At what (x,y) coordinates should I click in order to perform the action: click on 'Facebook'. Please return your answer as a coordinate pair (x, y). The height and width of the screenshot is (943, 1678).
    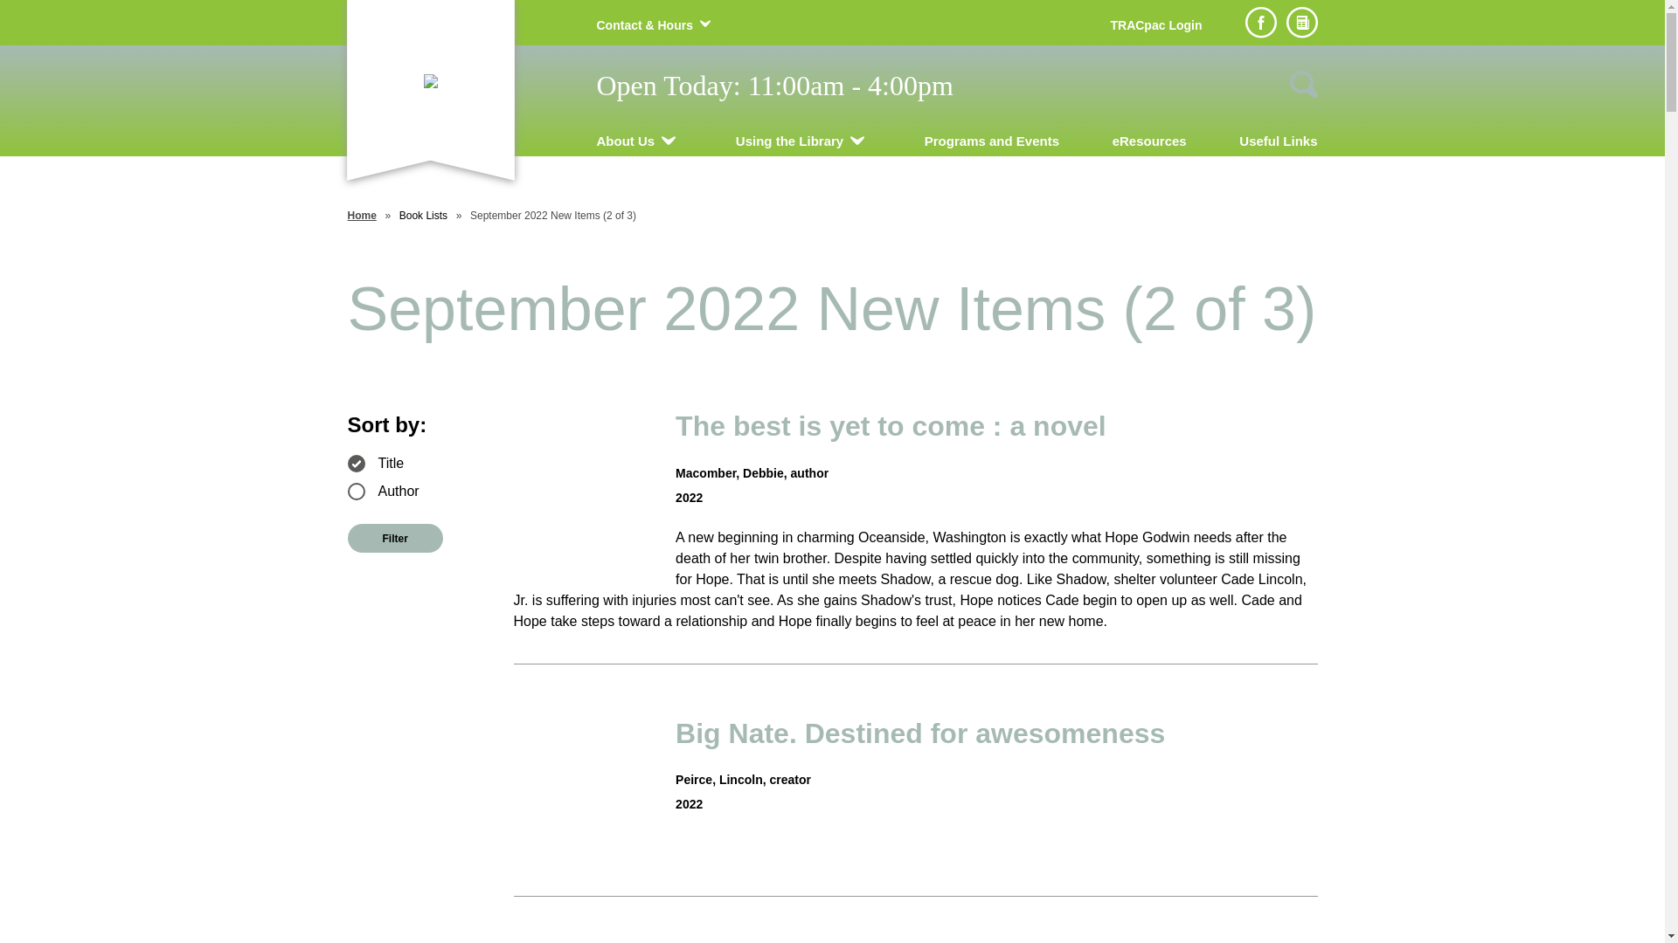
    Looking at the image, I should click on (1245, 23).